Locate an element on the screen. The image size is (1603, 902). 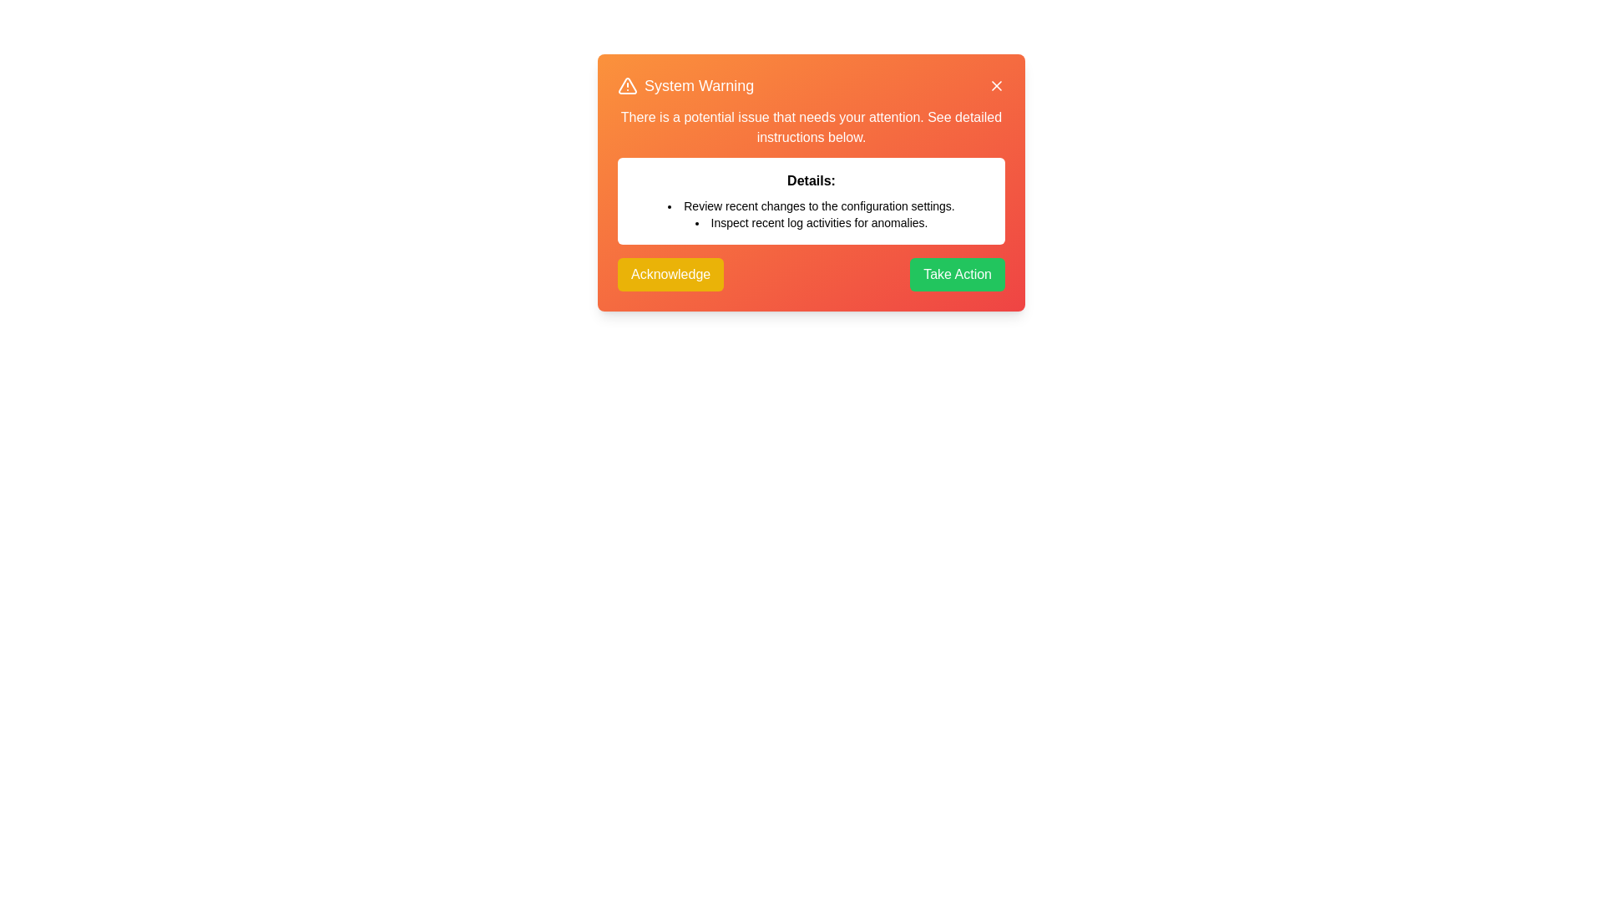
the Text section that provides detailed instructions below the warning message and above the 'Acknowledge' and 'Take Action' buttons in the 'System Warning' box is located at coordinates (811, 176).